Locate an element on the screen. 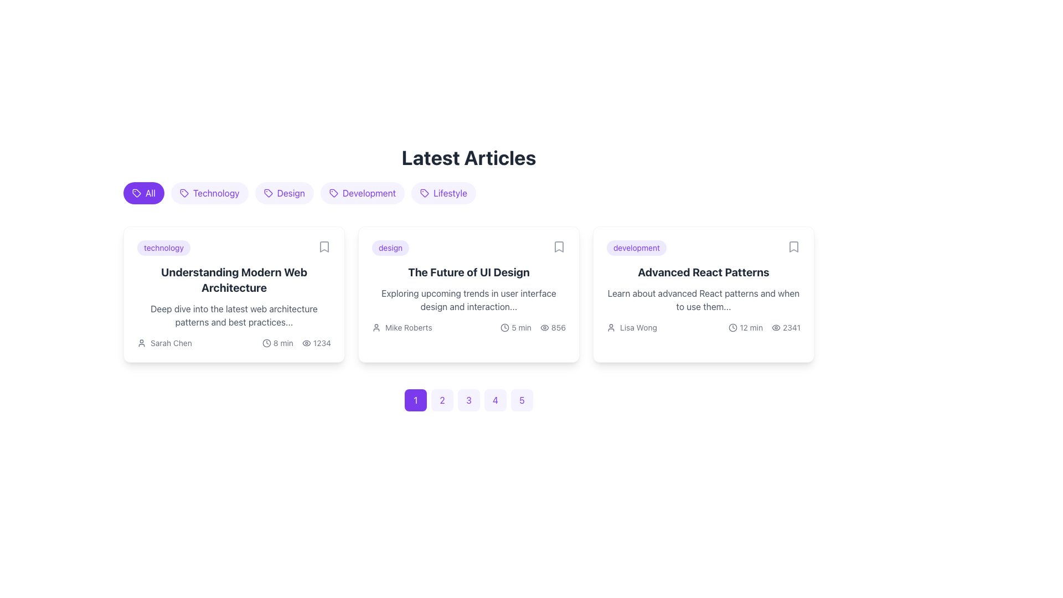  the Row of metadata information containing details about the article, such as author, reading time, and view count, located within the card titled 'Understanding Modern Web Architecture' is located at coordinates (233, 343).